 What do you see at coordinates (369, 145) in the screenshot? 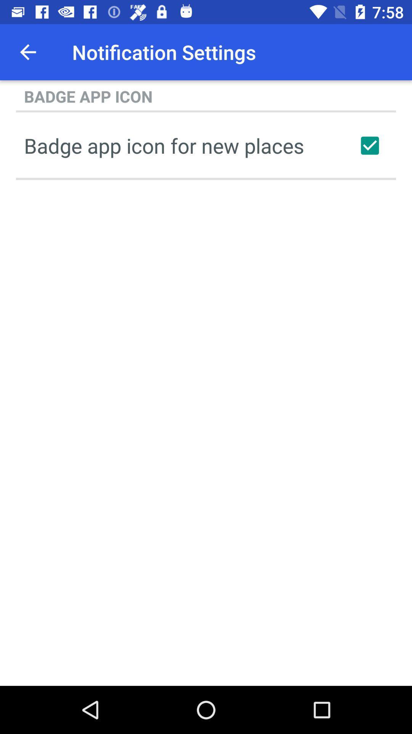
I see `icon next to the badge app icon item` at bounding box center [369, 145].